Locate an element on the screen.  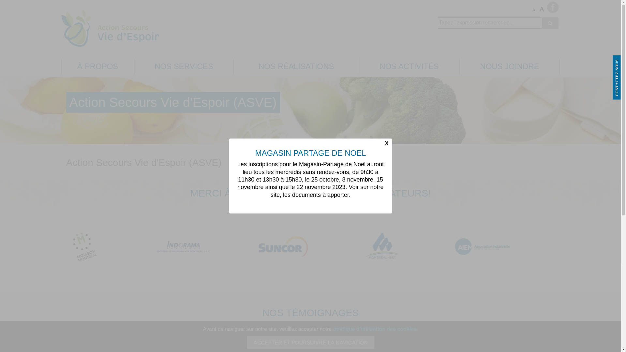
'X' is located at coordinates (386, 143).